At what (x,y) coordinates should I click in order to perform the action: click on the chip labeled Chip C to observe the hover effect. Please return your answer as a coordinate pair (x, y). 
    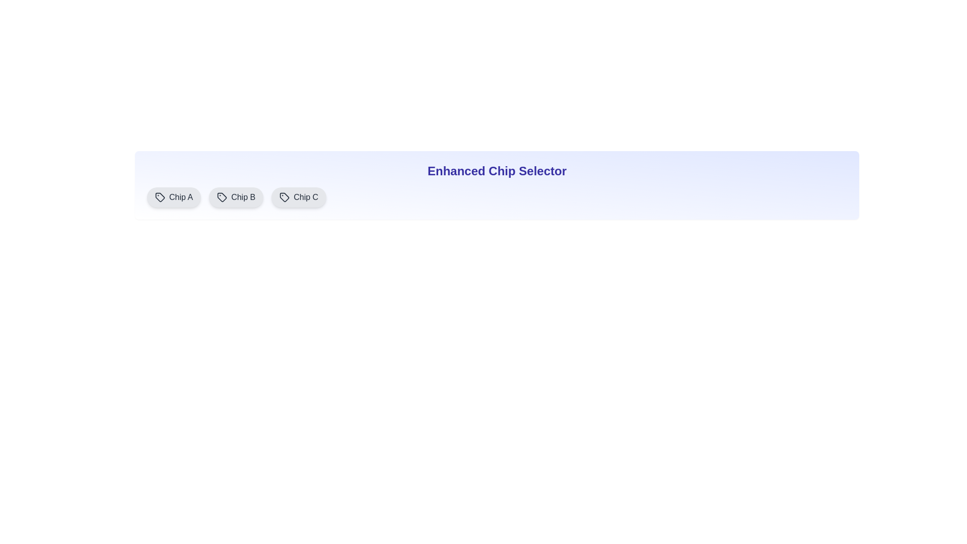
    Looking at the image, I should click on (298, 197).